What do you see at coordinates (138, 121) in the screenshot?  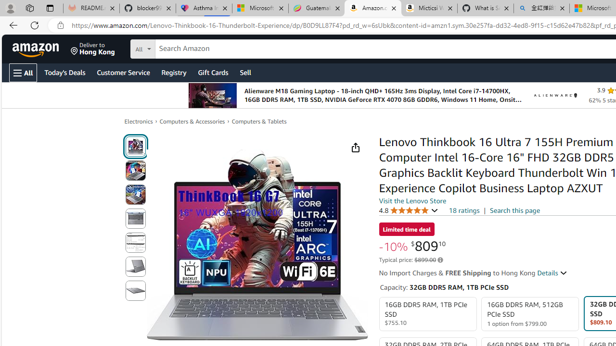 I see `'Electronics'` at bounding box center [138, 121].